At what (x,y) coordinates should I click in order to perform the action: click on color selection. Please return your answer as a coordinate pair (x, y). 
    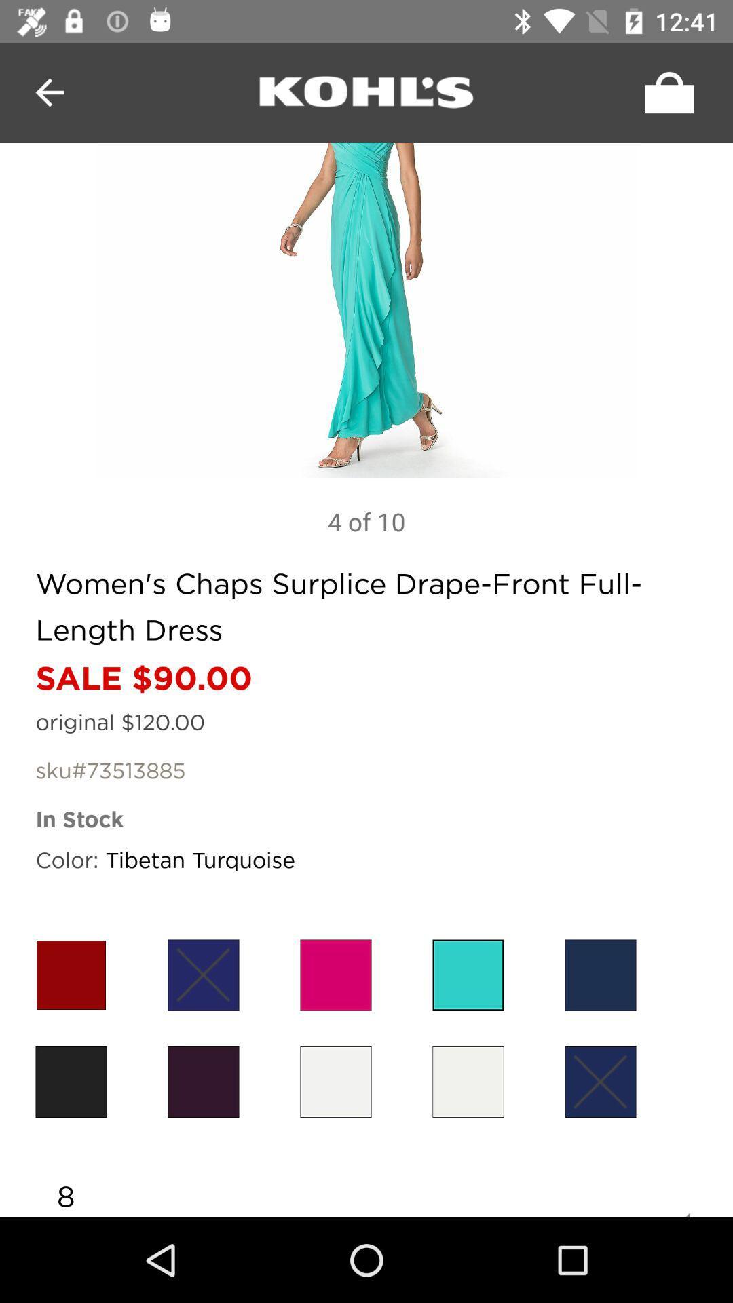
    Looking at the image, I should click on (335, 1081).